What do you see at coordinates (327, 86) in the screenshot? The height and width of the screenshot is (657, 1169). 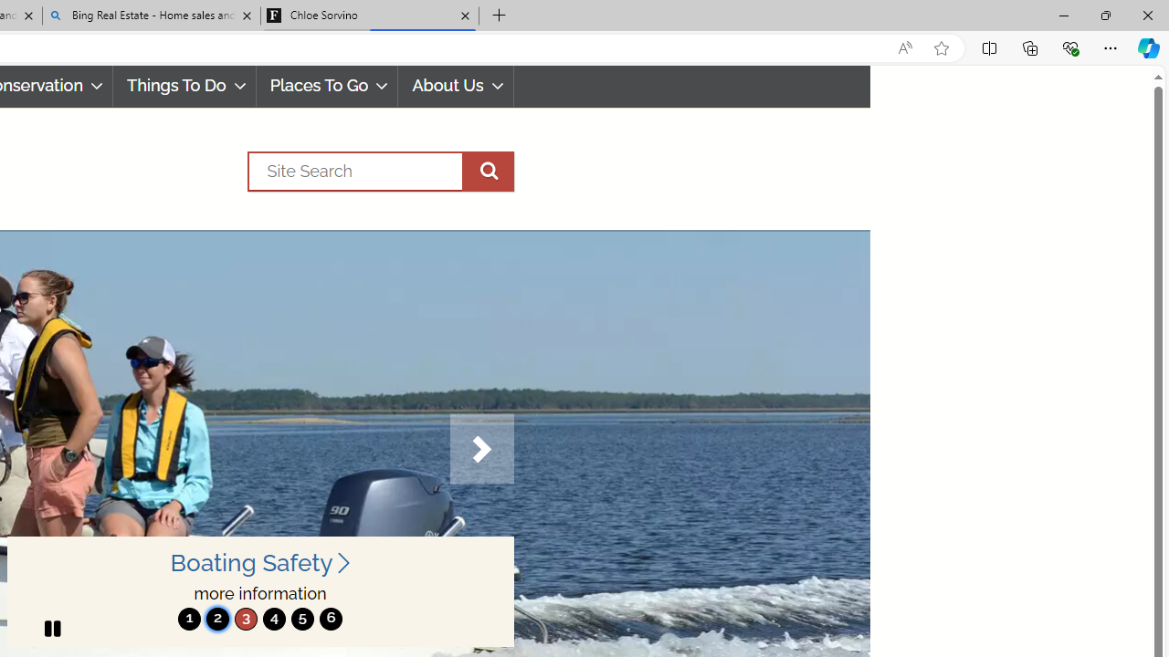 I see `'Places To Go'` at bounding box center [327, 86].